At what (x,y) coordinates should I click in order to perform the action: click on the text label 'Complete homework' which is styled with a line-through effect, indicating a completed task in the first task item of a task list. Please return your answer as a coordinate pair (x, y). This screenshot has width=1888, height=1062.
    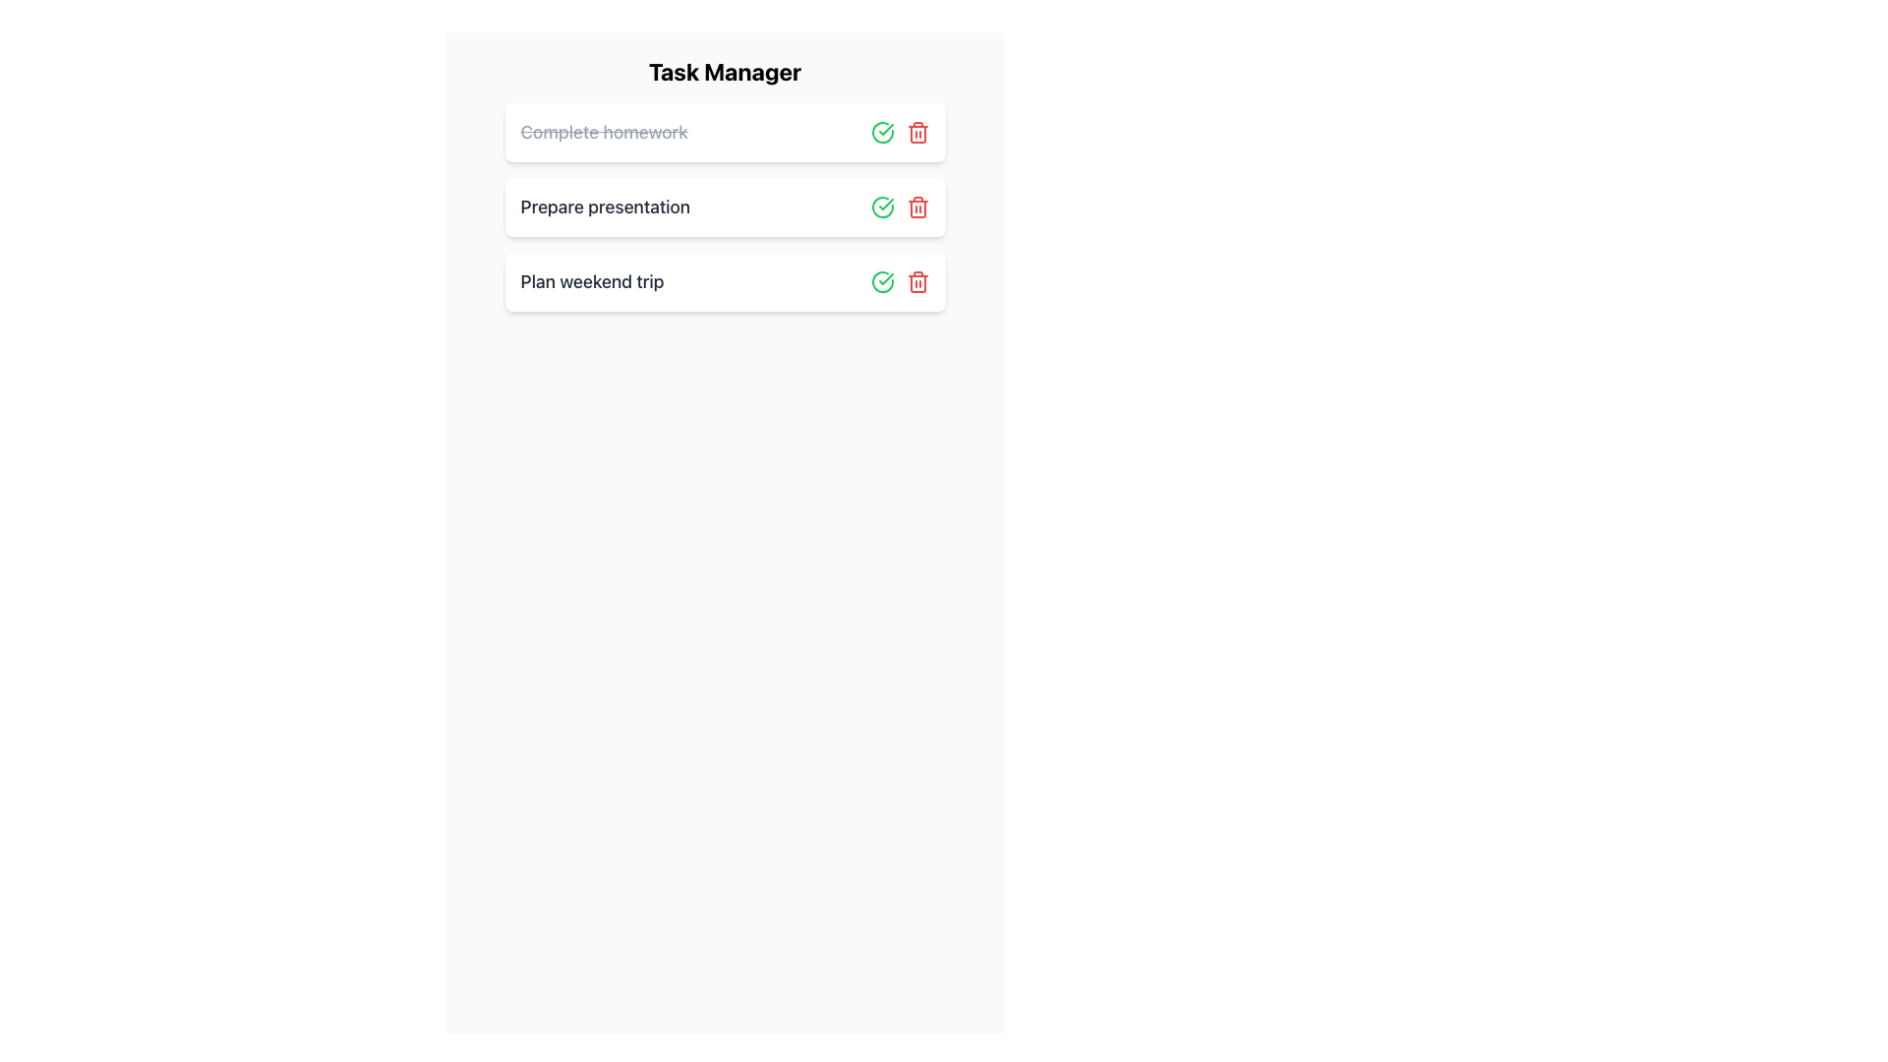
    Looking at the image, I should click on (603, 132).